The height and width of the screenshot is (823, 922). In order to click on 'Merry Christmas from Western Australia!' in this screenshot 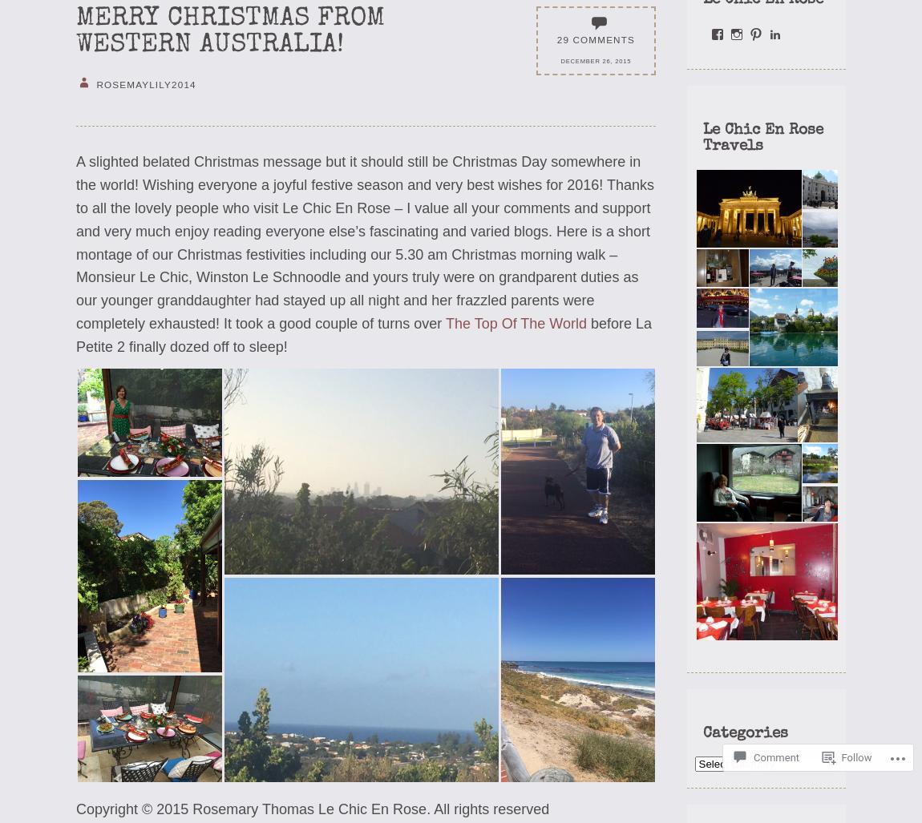, I will do `click(229, 31)`.